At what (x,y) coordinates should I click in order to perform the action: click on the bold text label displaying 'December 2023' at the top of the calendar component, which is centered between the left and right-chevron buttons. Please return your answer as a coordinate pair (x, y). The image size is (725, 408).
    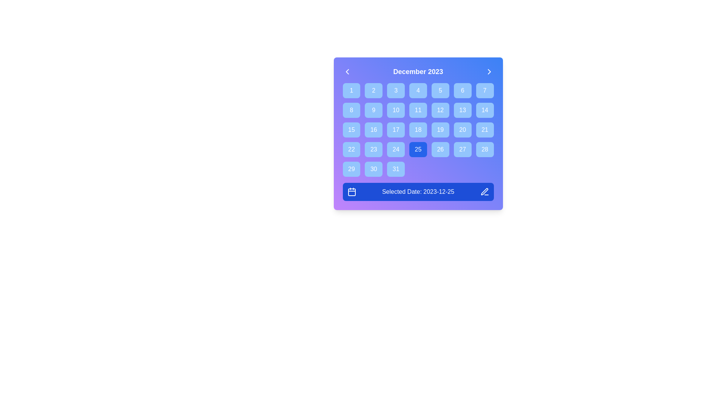
    Looking at the image, I should click on (418, 71).